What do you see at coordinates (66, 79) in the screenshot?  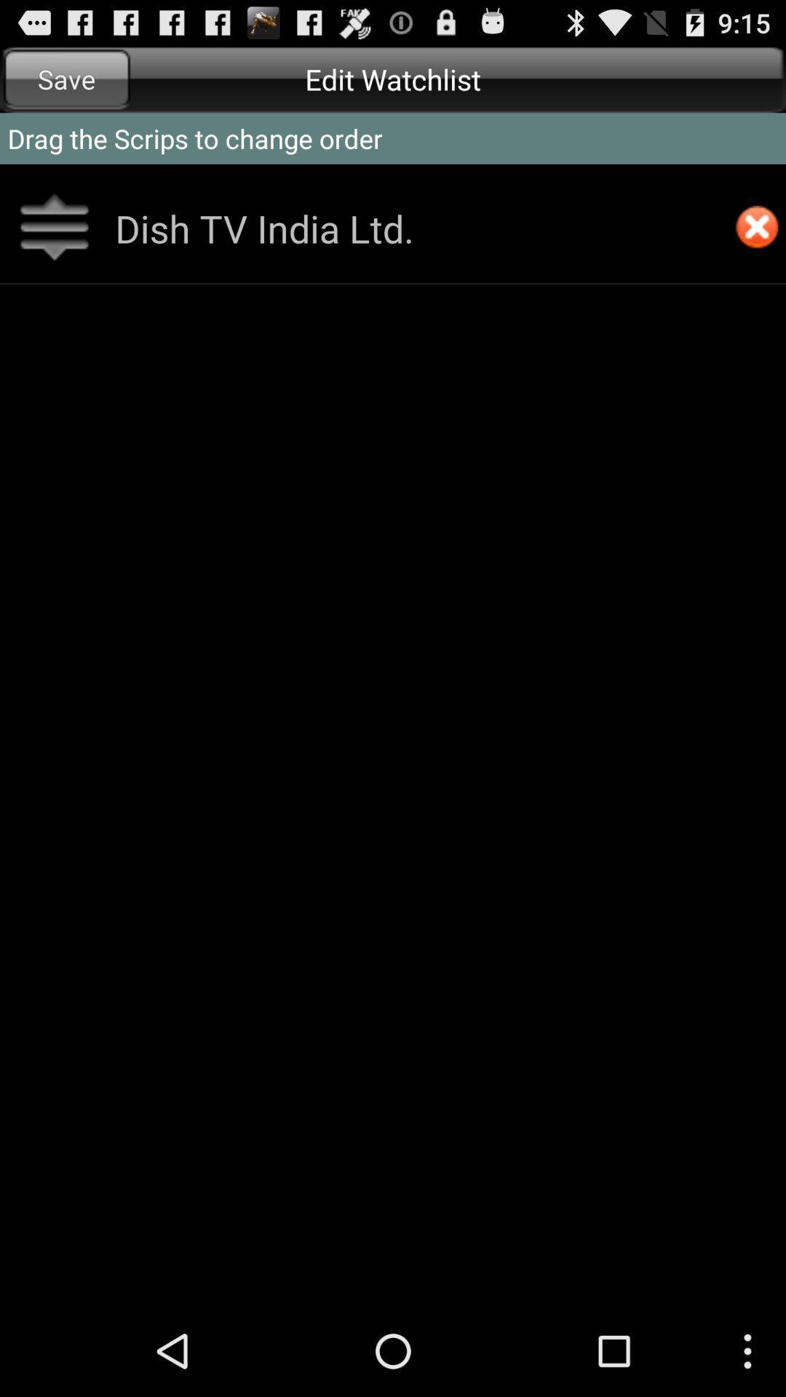 I see `save item` at bounding box center [66, 79].